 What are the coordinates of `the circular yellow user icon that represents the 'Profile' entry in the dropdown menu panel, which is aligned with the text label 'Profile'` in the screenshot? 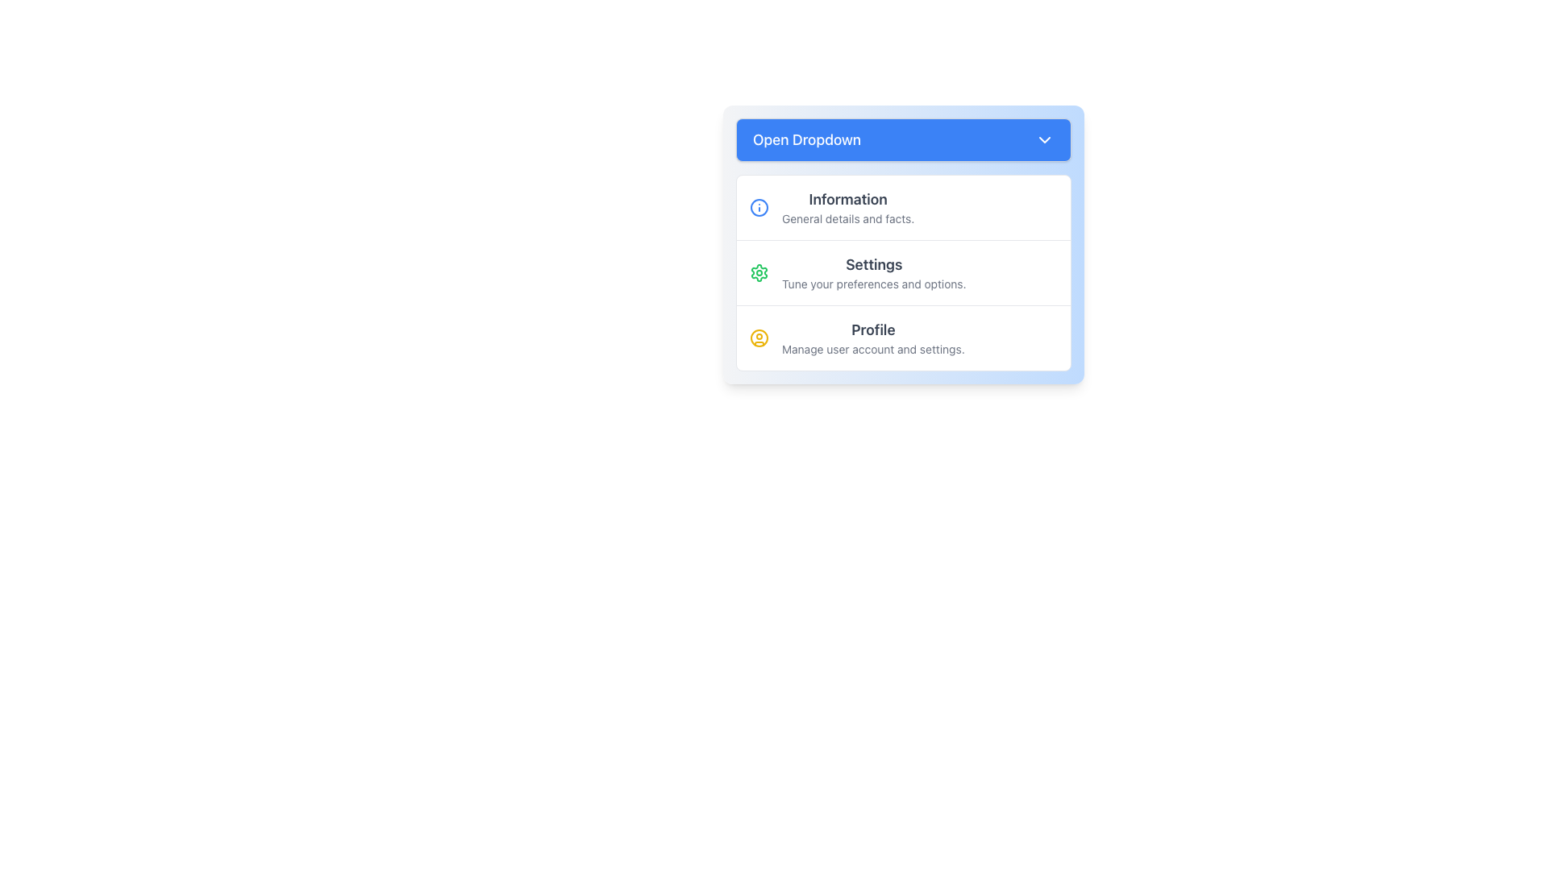 It's located at (758, 338).